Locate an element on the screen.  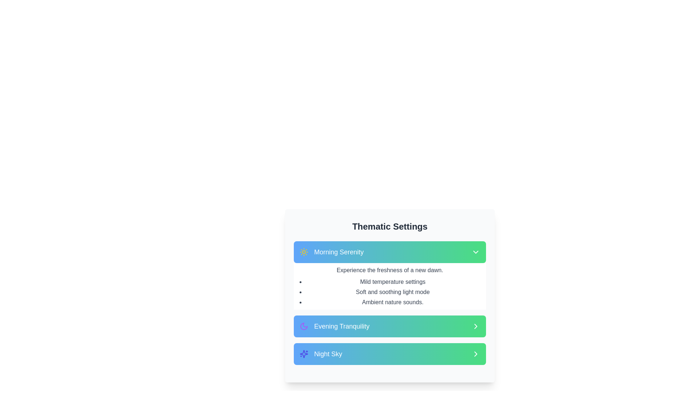
the introductory text element for the 'Morning Serenity' section, which provides an overview of the section's purpose and is located directly below the header 'Morning Serenity' is located at coordinates (389, 270).